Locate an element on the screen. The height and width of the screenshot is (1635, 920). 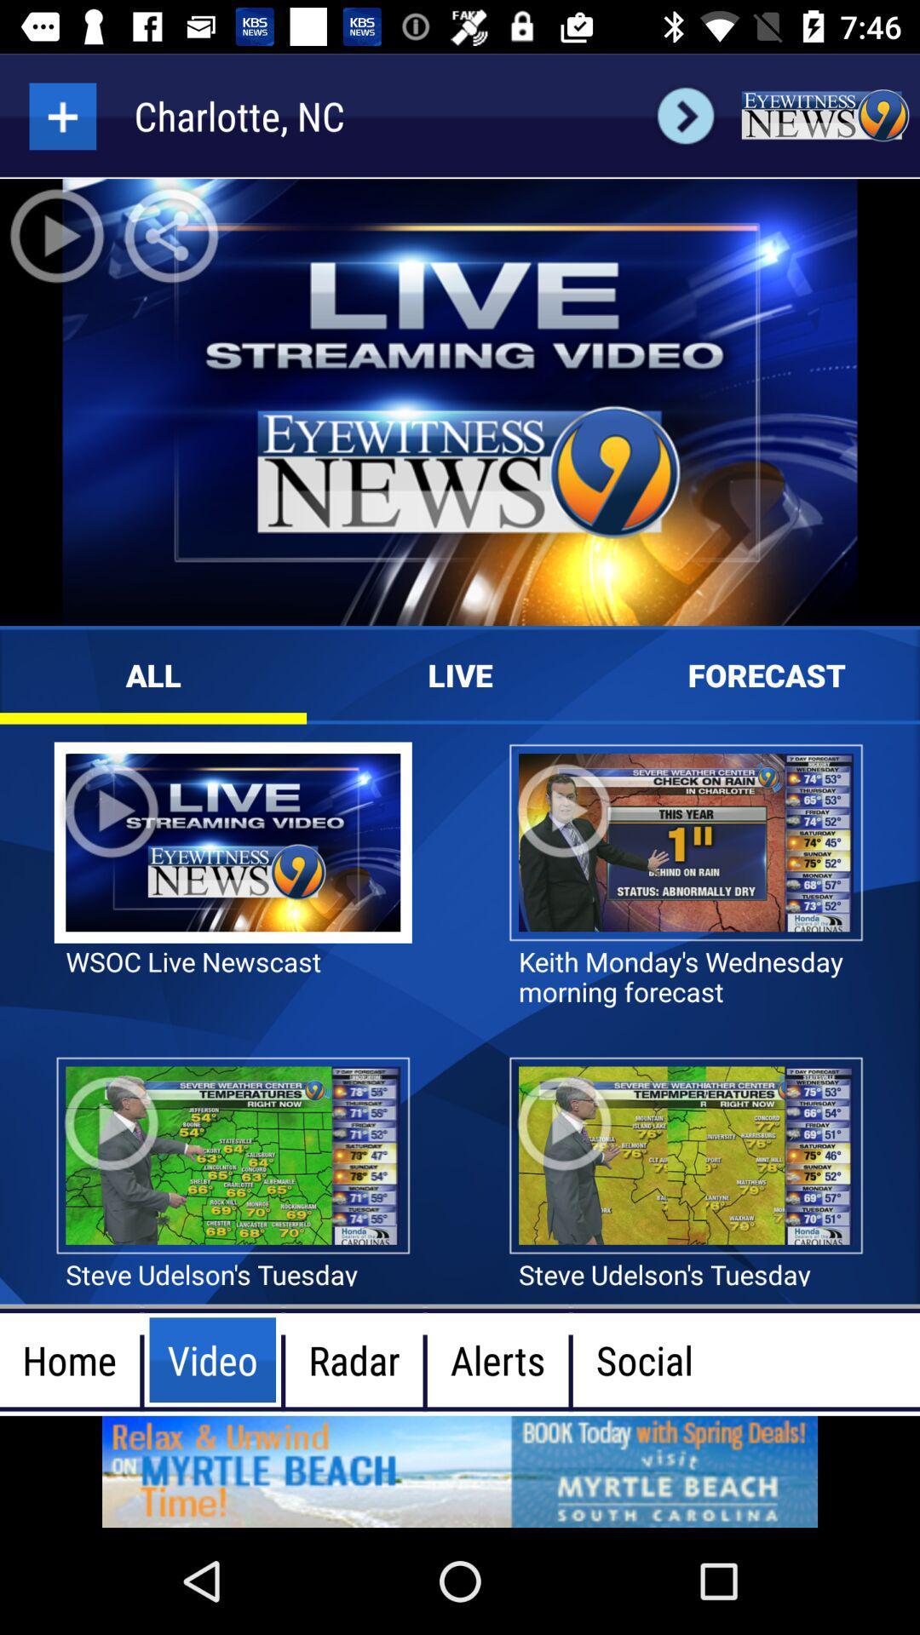
next is located at coordinates (685, 115).